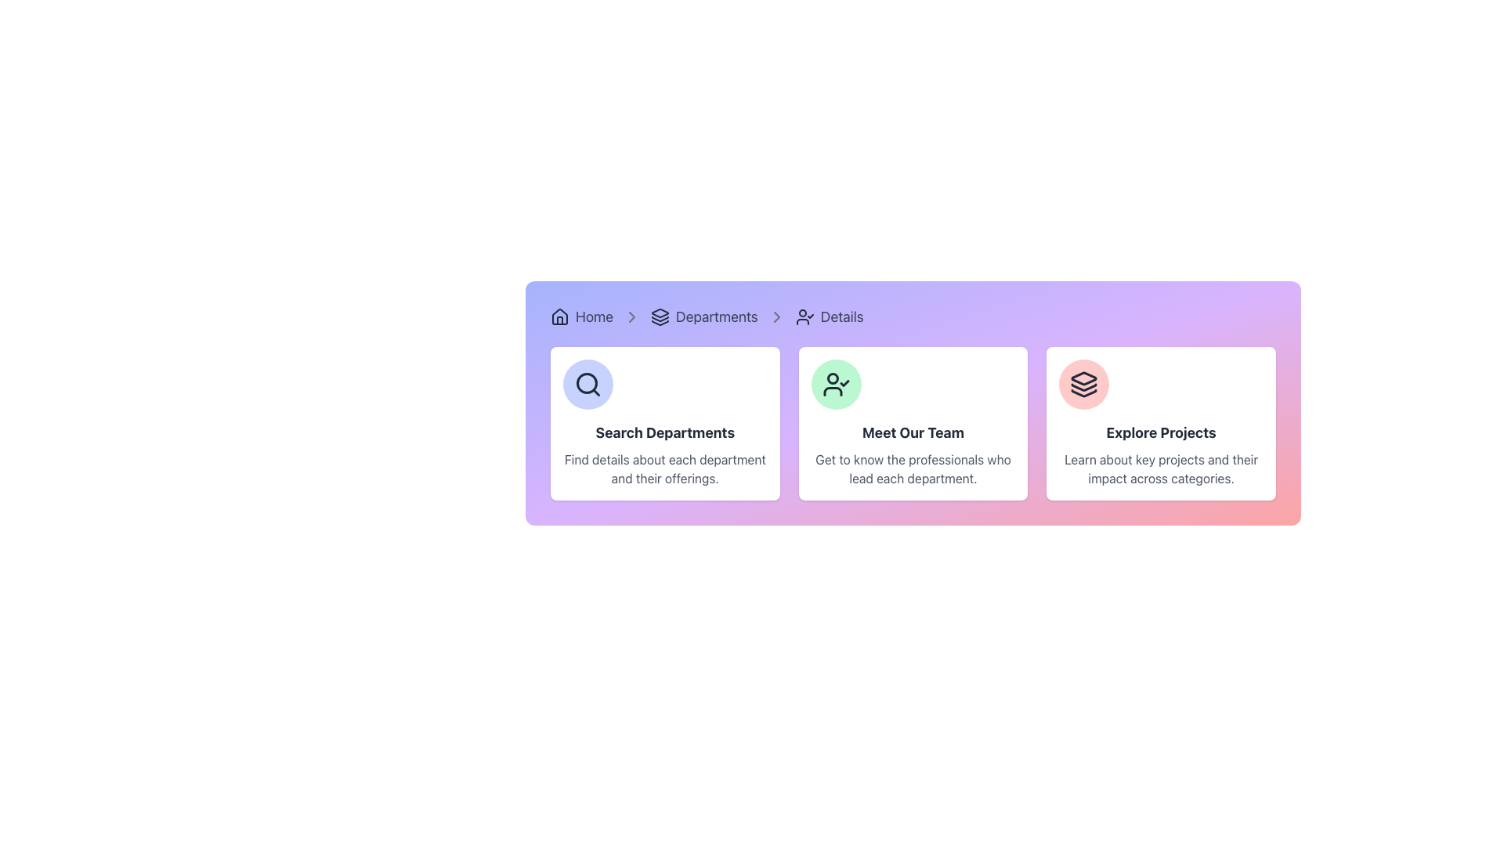 The image size is (1504, 846). Describe the element at coordinates (660, 317) in the screenshot. I see `the icon representing layered objects, which is located to the left of the text labeled 'Departments' in the breadcrumb navigation bar` at that location.